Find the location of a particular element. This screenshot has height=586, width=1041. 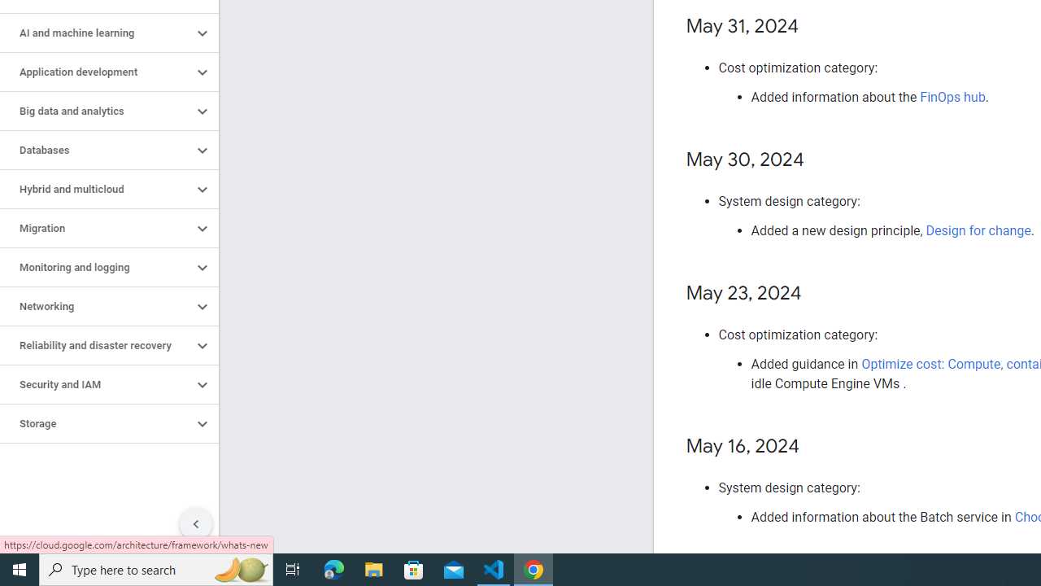

'Security and IAM' is located at coordinates (95, 385).